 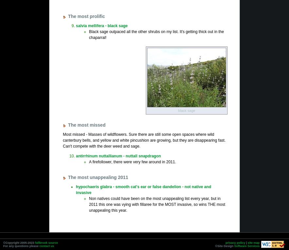 I want to click on 'hypochaeris 
glabra - smooth cat's ear or false dandelion - not native and invasive', so click(x=143, y=189).